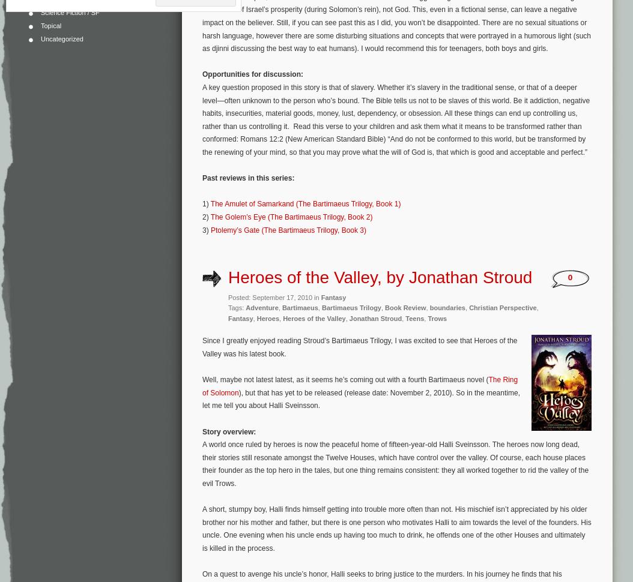 The height and width of the screenshot is (582, 633). Describe the element at coordinates (380, 276) in the screenshot. I see `'Heroes of the Valley, by Jonathan Stroud'` at that location.